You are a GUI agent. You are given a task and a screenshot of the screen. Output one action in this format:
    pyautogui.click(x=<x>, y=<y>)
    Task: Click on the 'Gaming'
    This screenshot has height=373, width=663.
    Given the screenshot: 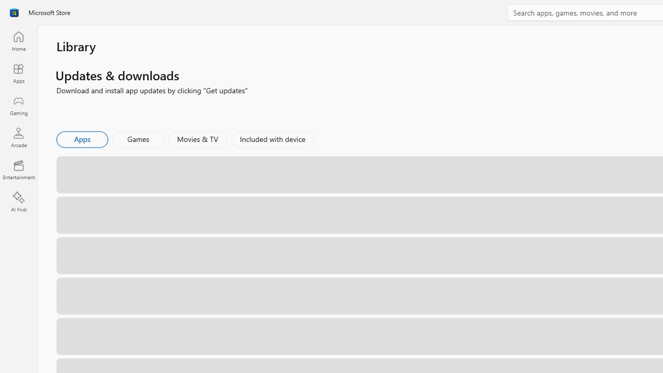 What is the action you would take?
    pyautogui.click(x=18, y=105)
    